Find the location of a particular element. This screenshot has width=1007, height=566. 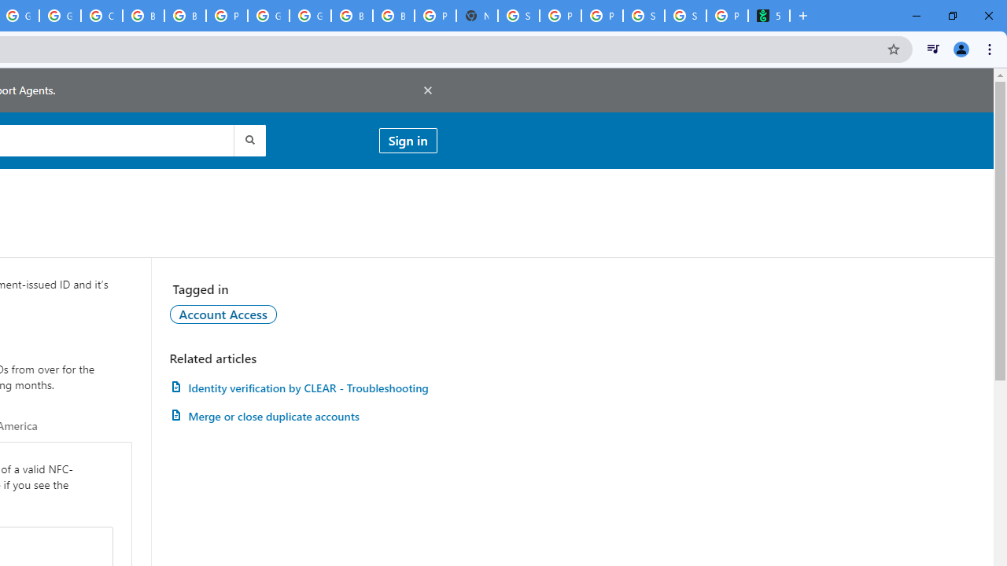

'Google Cloud Platform' is located at coordinates (268, 16).